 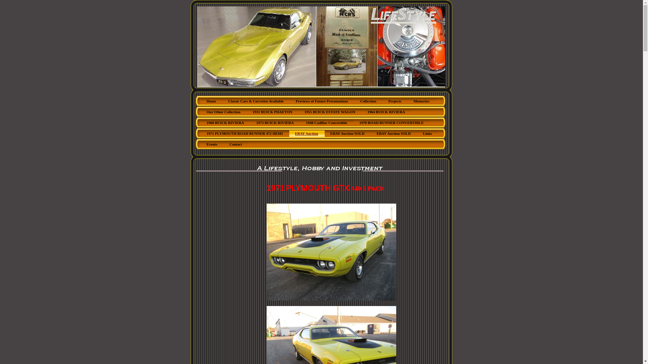 What do you see at coordinates (223, 112) in the screenshot?
I see `'Our Other Collection'` at bounding box center [223, 112].